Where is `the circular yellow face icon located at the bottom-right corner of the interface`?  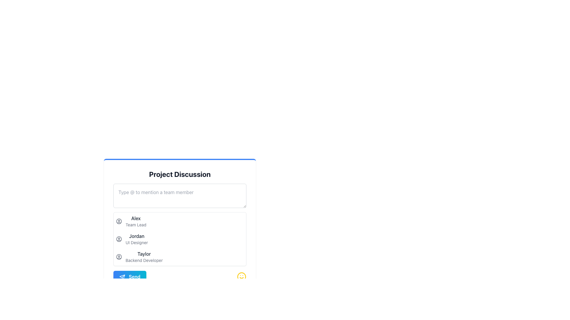
the circular yellow face icon located at the bottom-right corner of the interface is located at coordinates (242, 276).